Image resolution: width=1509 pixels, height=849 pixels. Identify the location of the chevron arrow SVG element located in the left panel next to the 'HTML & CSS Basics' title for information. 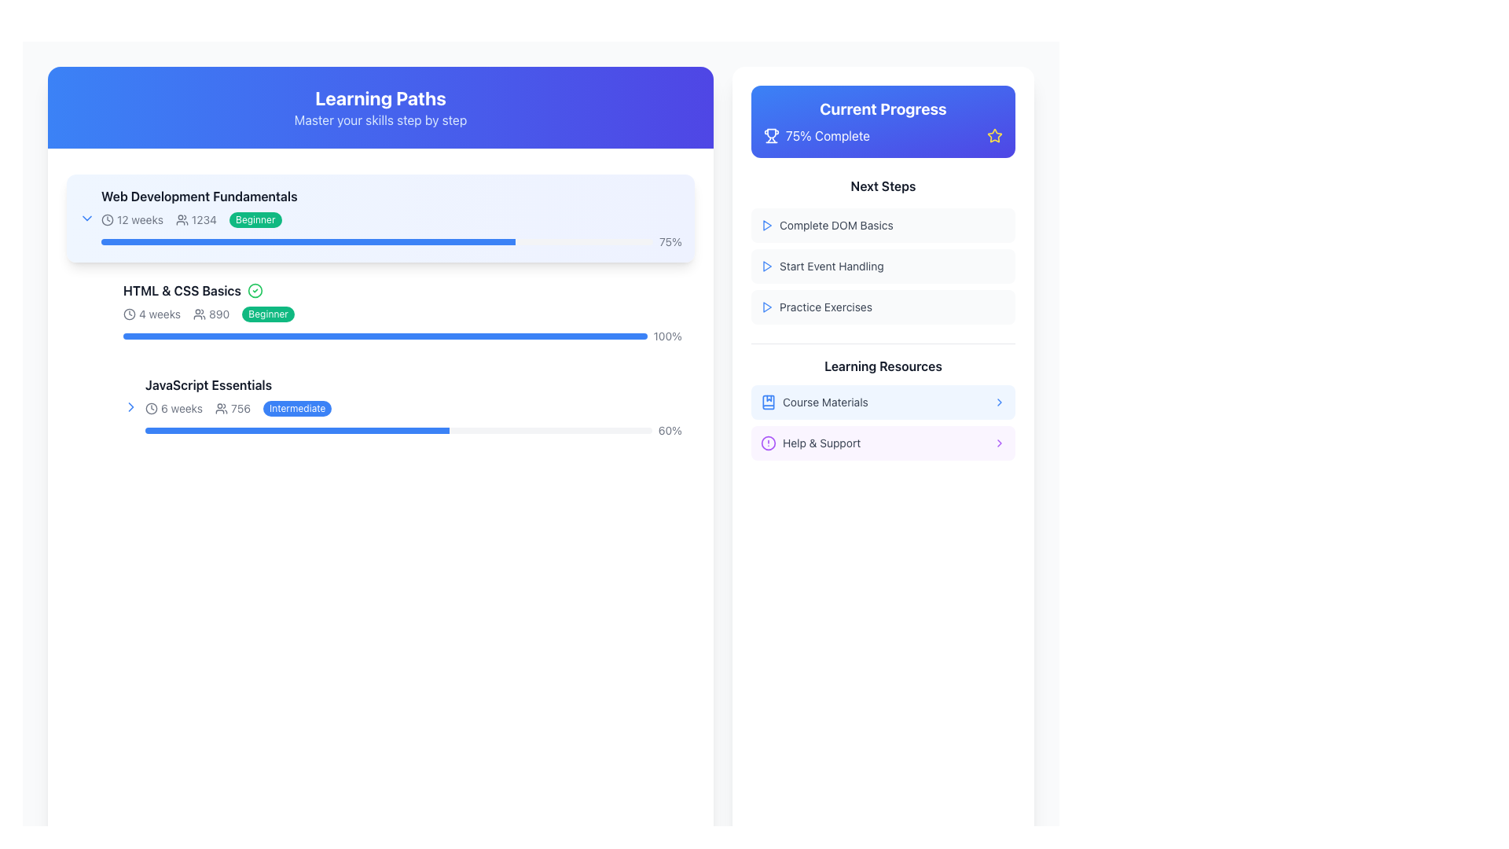
(131, 406).